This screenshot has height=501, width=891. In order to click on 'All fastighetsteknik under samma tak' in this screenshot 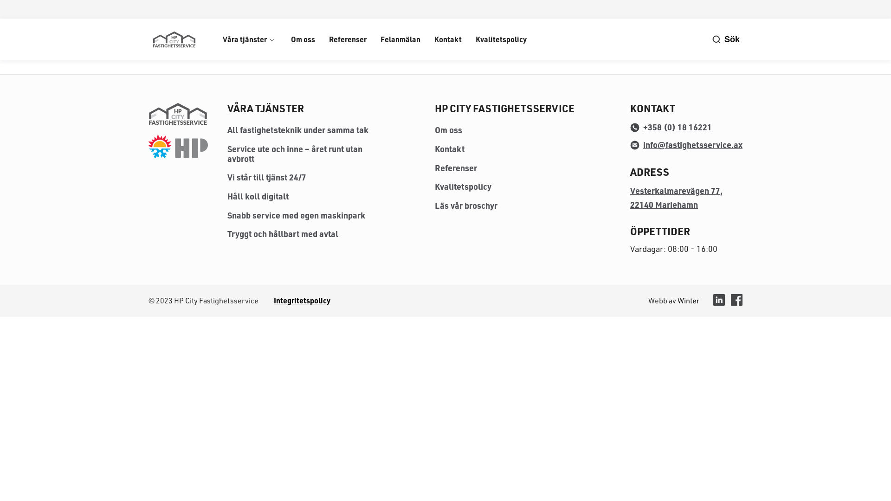, I will do `click(298, 130)`.